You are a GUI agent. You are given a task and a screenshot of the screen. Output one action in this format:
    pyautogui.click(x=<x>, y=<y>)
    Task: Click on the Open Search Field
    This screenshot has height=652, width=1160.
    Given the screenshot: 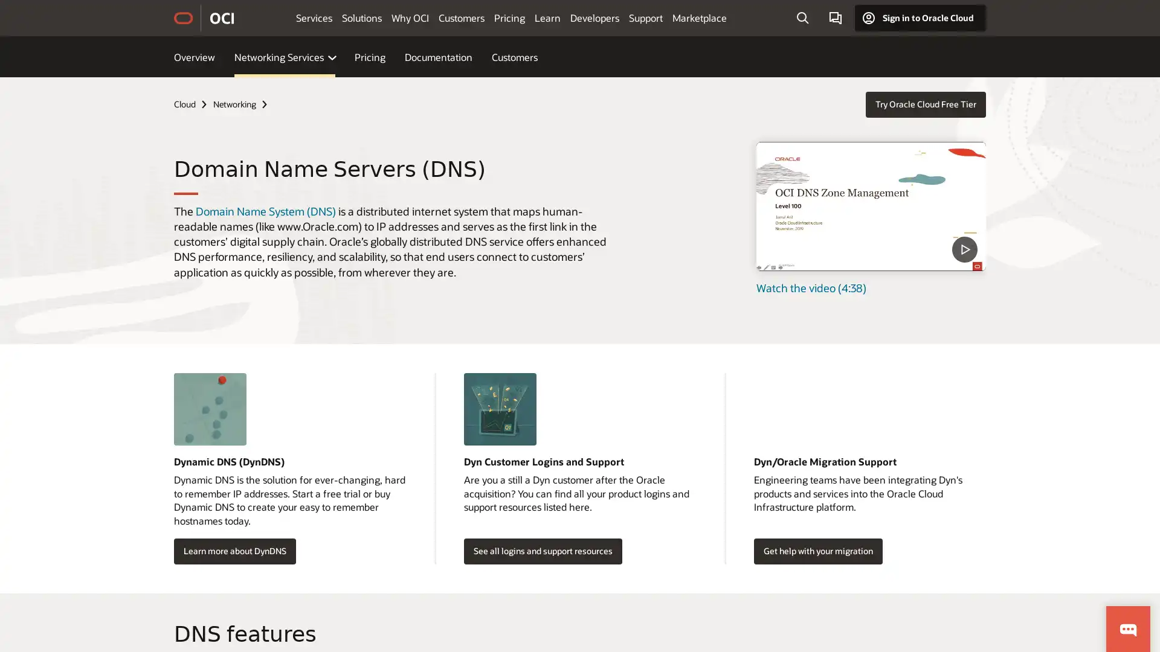 What is the action you would take?
    pyautogui.click(x=802, y=18)
    